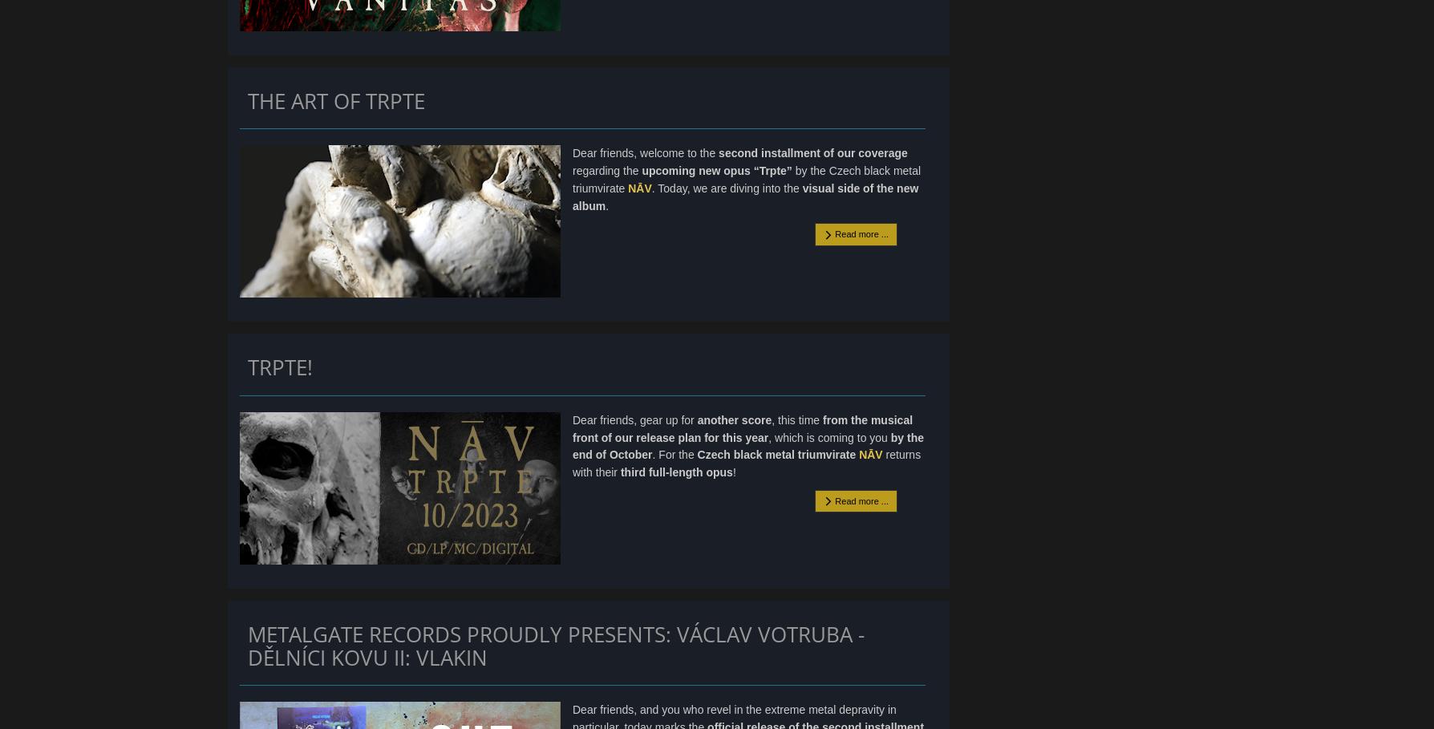  I want to click on 'second installment of our coverage', so click(812, 152).